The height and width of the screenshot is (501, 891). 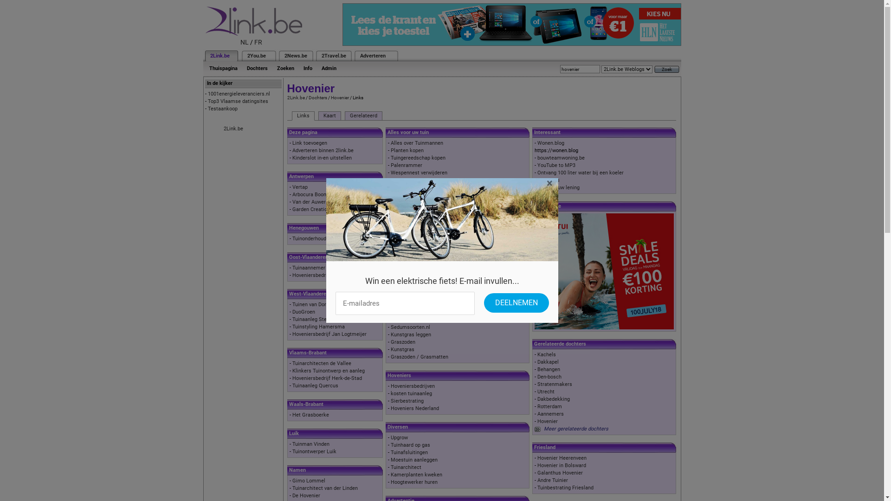 I want to click on 'De Hovenier', so click(x=306, y=495).